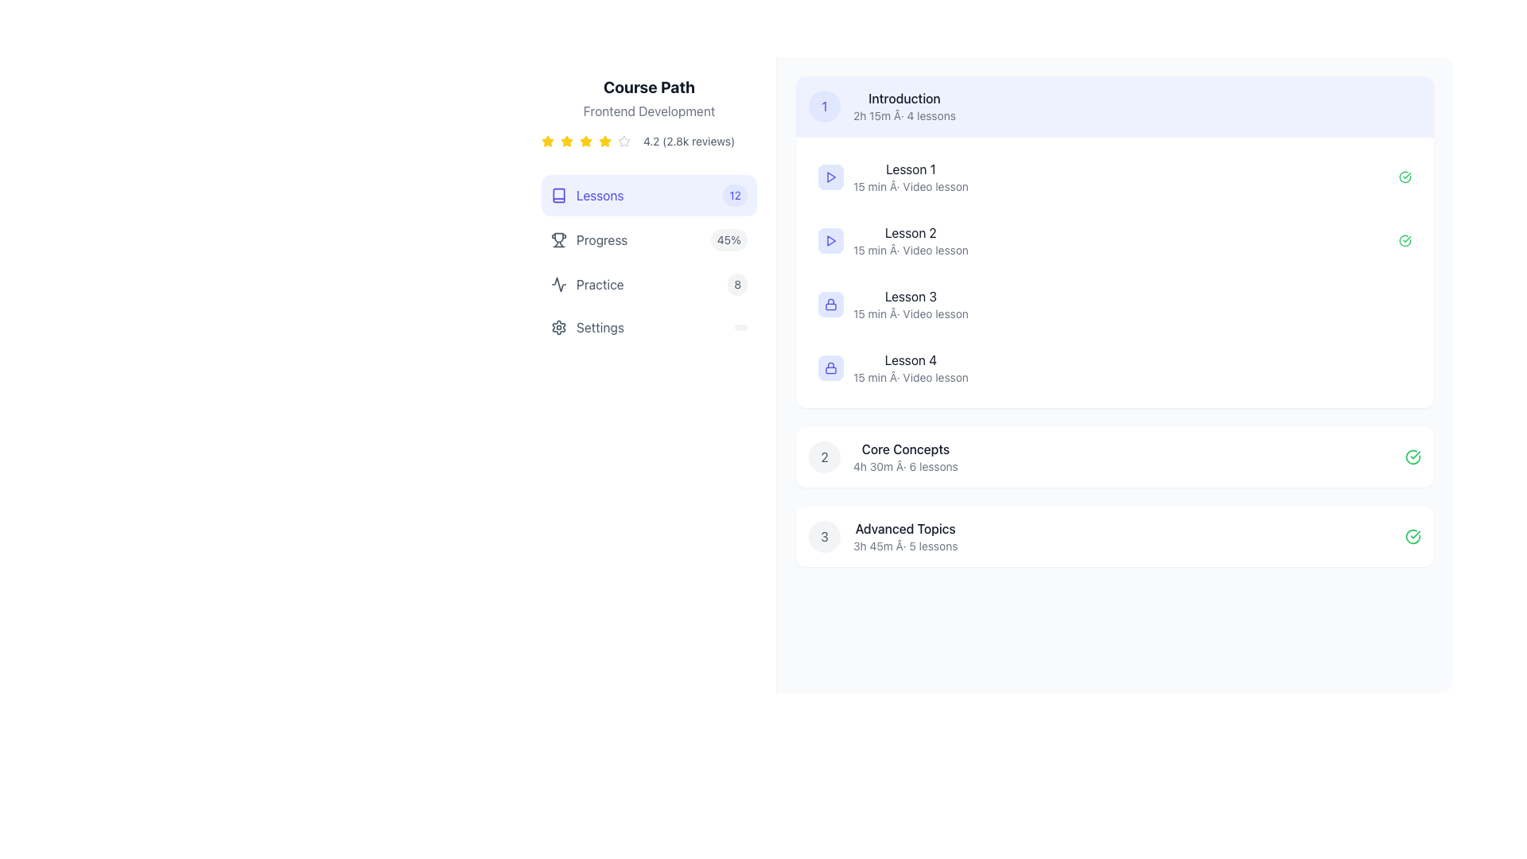 This screenshot has height=859, width=1527. Describe the element at coordinates (882, 537) in the screenshot. I see `the third section of the course list, which provides information about the topic, duration, and number of lessons` at that location.